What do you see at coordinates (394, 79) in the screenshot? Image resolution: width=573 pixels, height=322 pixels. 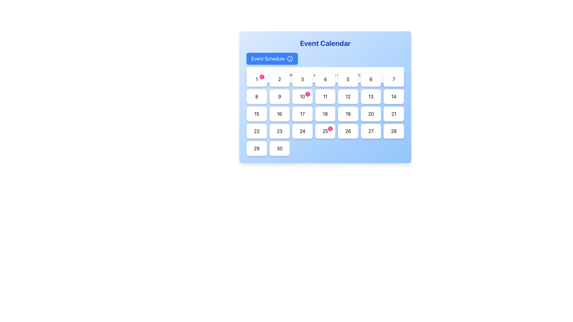 I see `the calendar day button` at bounding box center [394, 79].